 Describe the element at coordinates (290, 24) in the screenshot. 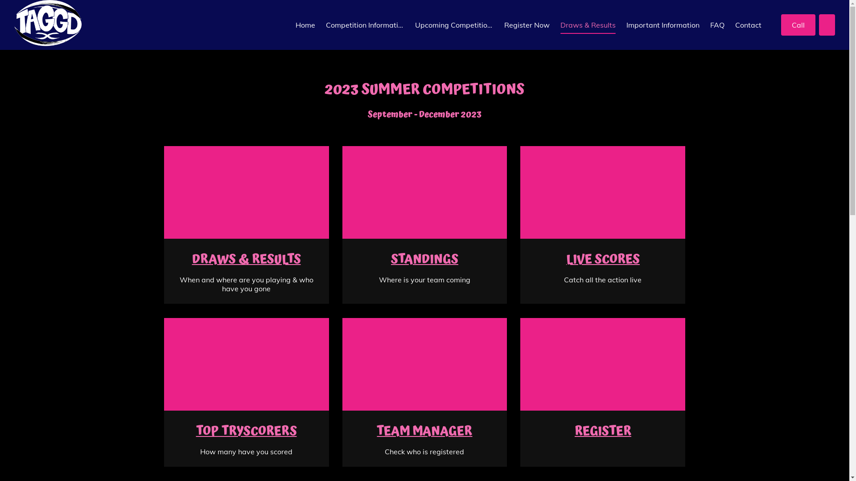

I see `'Home'` at that location.